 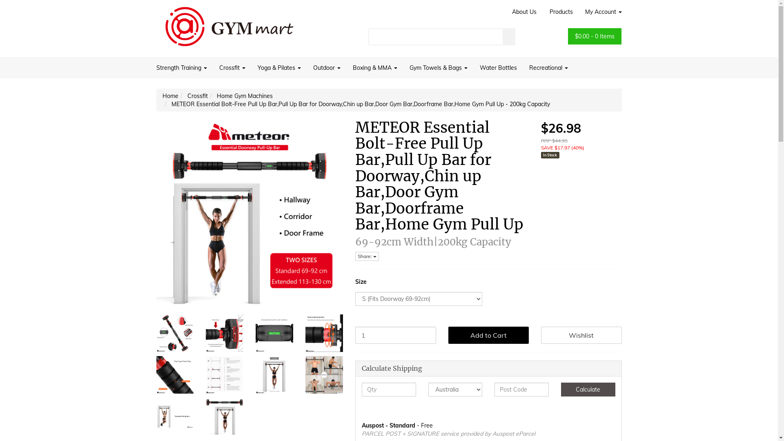 What do you see at coordinates (225, 333) in the screenshot?
I see `'Large View'` at bounding box center [225, 333].